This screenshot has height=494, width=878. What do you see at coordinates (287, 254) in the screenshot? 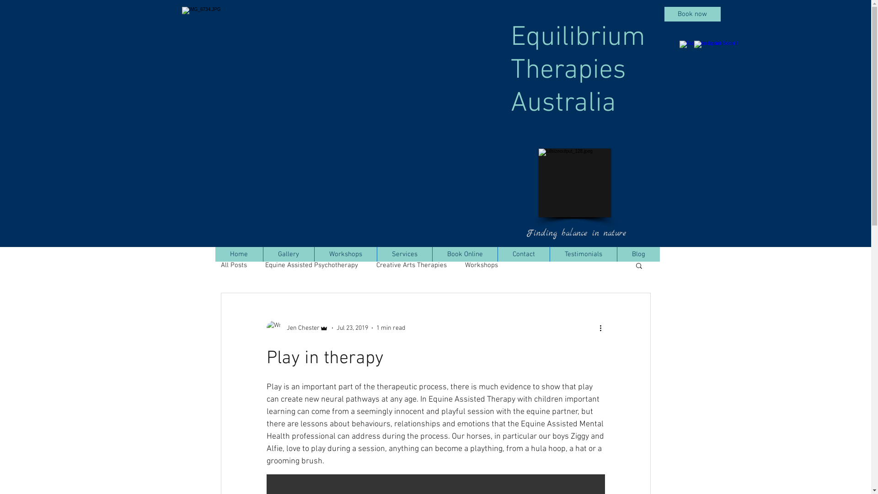
I see `'Gallery'` at bounding box center [287, 254].